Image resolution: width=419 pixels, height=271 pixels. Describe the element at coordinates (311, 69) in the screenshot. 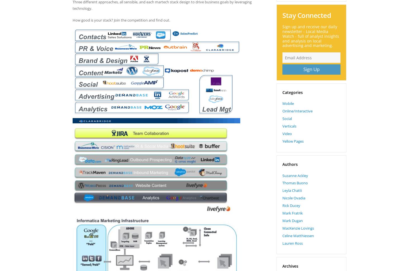

I see `'Sign Up'` at that location.